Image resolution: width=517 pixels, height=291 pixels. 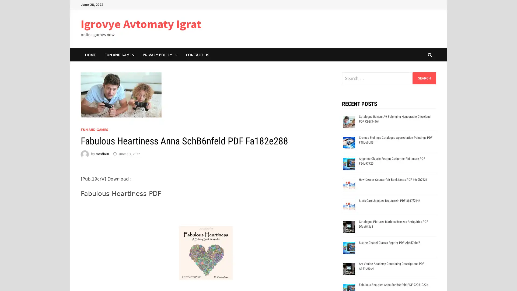 I want to click on Search, so click(x=424, y=78).